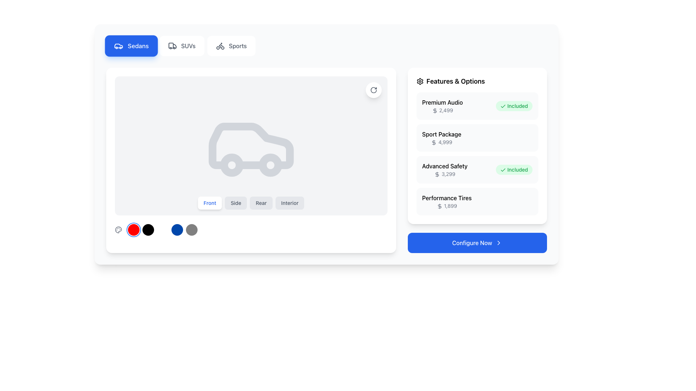 The image size is (696, 391). Describe the element at coordinates (444, 174) in the screenshot. I see `the price text '3,299' displayed in gray color, which is located beneath the 'Advanced Safety' label in the 'Features & Options' section` at that location.